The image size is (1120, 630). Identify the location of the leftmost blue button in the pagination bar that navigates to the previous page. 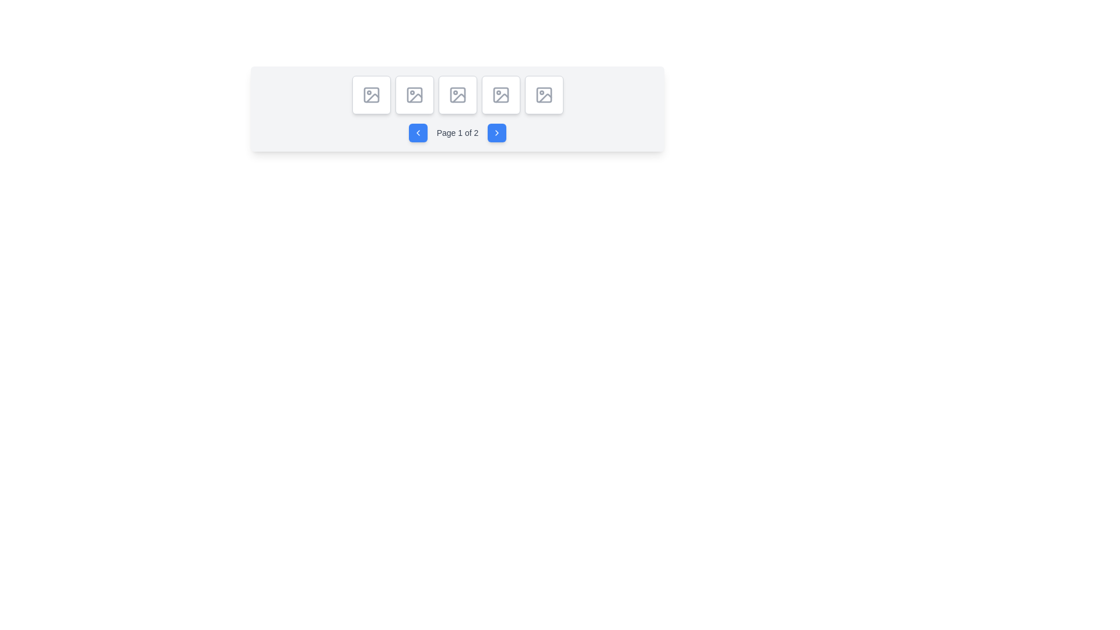
(418, 132).